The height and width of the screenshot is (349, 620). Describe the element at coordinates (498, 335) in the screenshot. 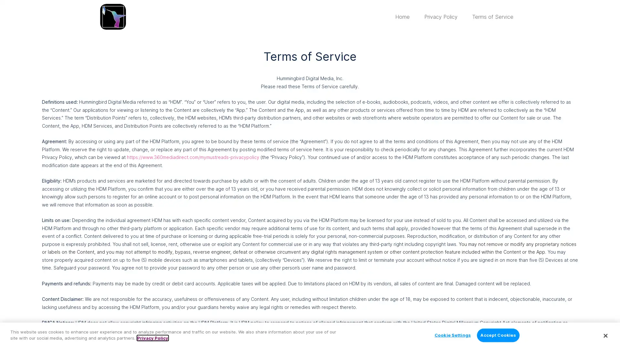

I see `Accept Cookies` at that location.